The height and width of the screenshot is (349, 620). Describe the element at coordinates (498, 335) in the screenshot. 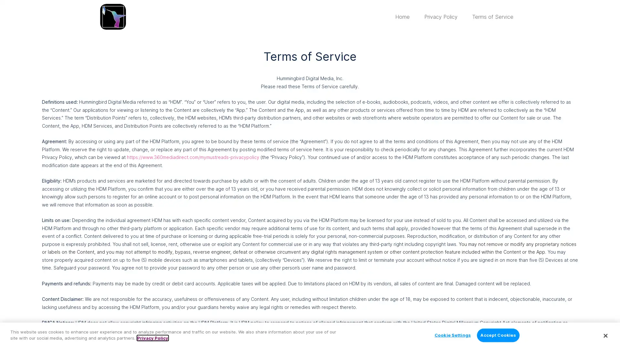

I see `Accept Cookies` at that location.